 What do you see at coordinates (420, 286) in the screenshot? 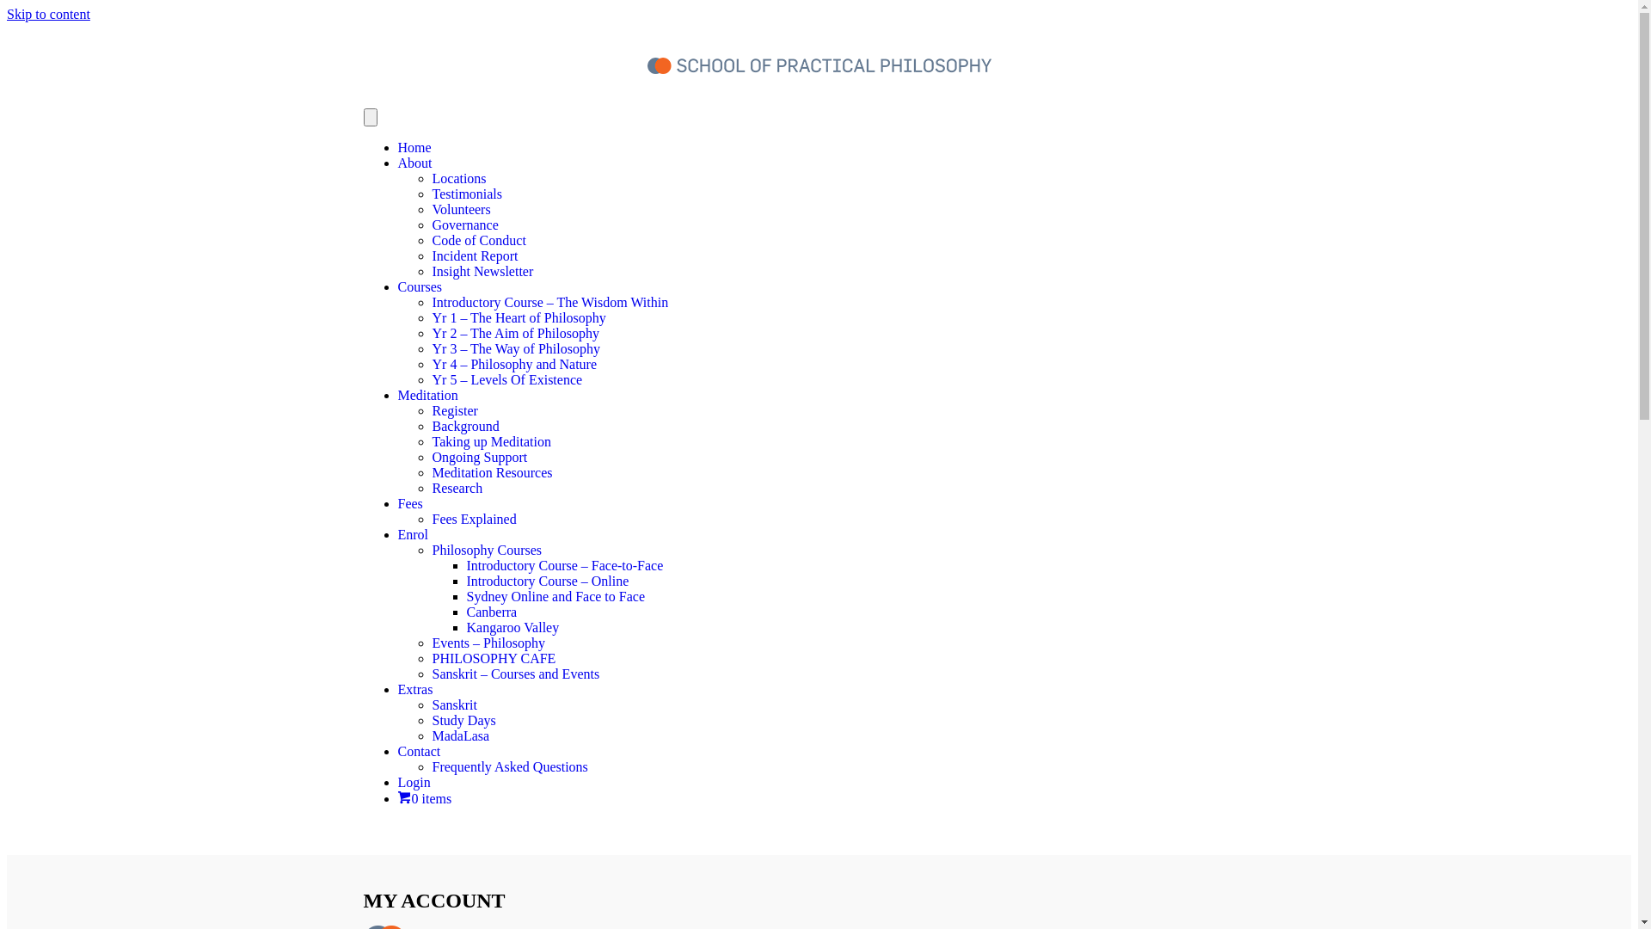
I see `'Courses'` at bounding box center [420, 286].